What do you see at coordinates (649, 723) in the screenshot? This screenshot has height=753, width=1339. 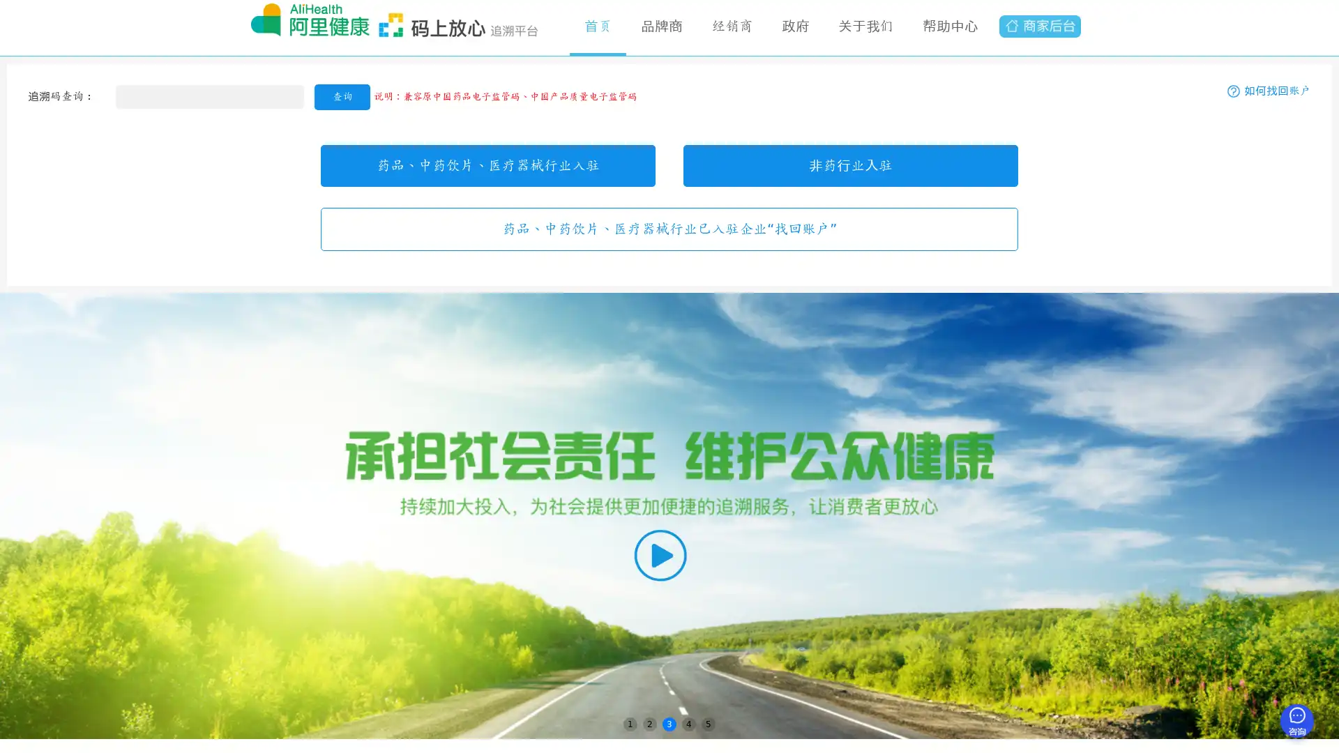 I see `Go to slide 2` at bounding box center [649, 723].